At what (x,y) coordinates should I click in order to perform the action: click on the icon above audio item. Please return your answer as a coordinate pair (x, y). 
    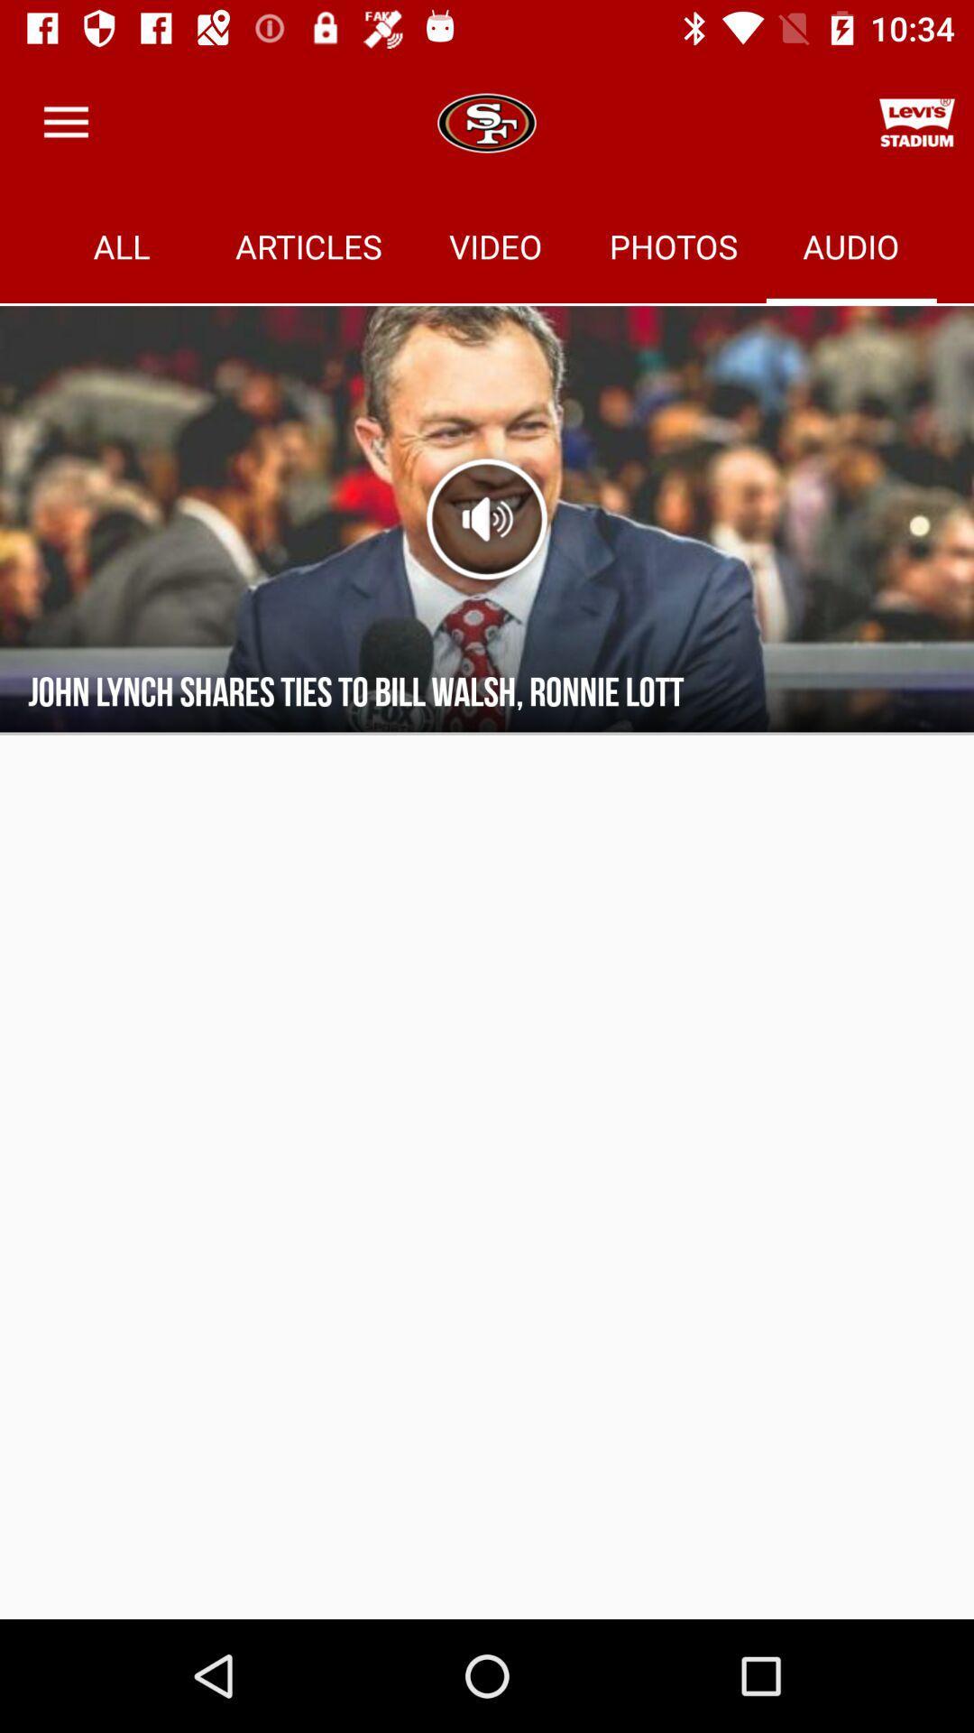
    Looking at the image, I should click on (917, 122).